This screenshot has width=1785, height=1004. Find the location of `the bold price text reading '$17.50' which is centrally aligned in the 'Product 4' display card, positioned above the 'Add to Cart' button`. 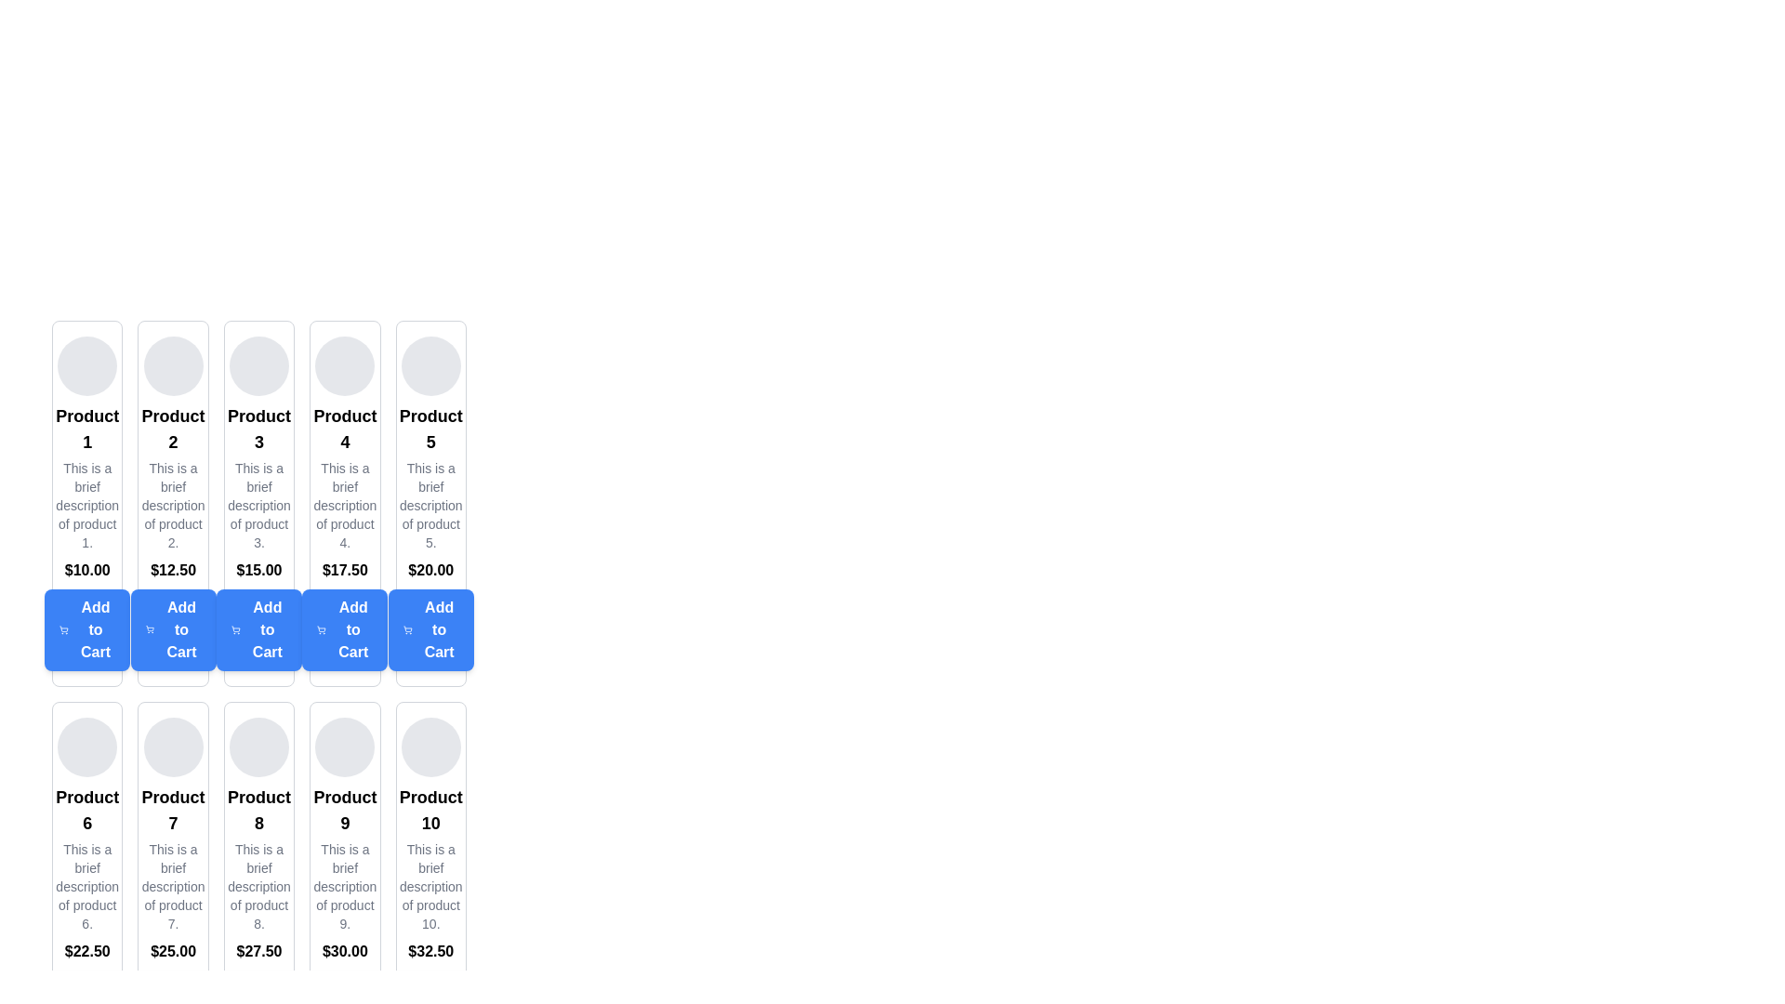

the bold price text reading '$17.50' which is centrally aligned in the 'Product 4' display card, positioned above the 'Add to Cart' button is located at coordinates (345, 569).